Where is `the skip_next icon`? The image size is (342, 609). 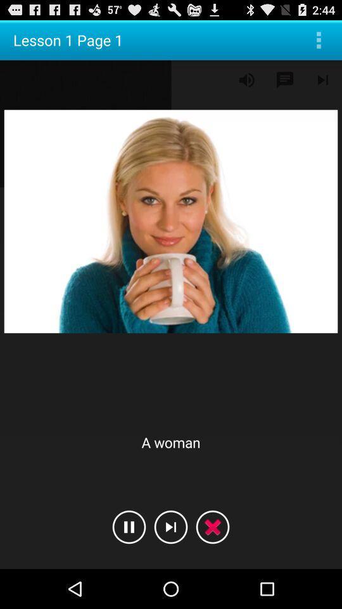 the skip_next icon is located at coordinates (171, 563).